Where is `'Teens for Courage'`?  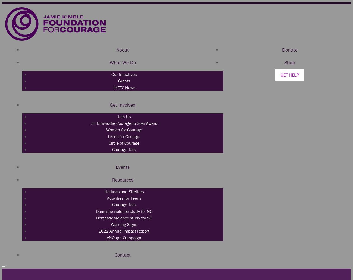 'Teens for Courage' is located at coordinates (108, 136).